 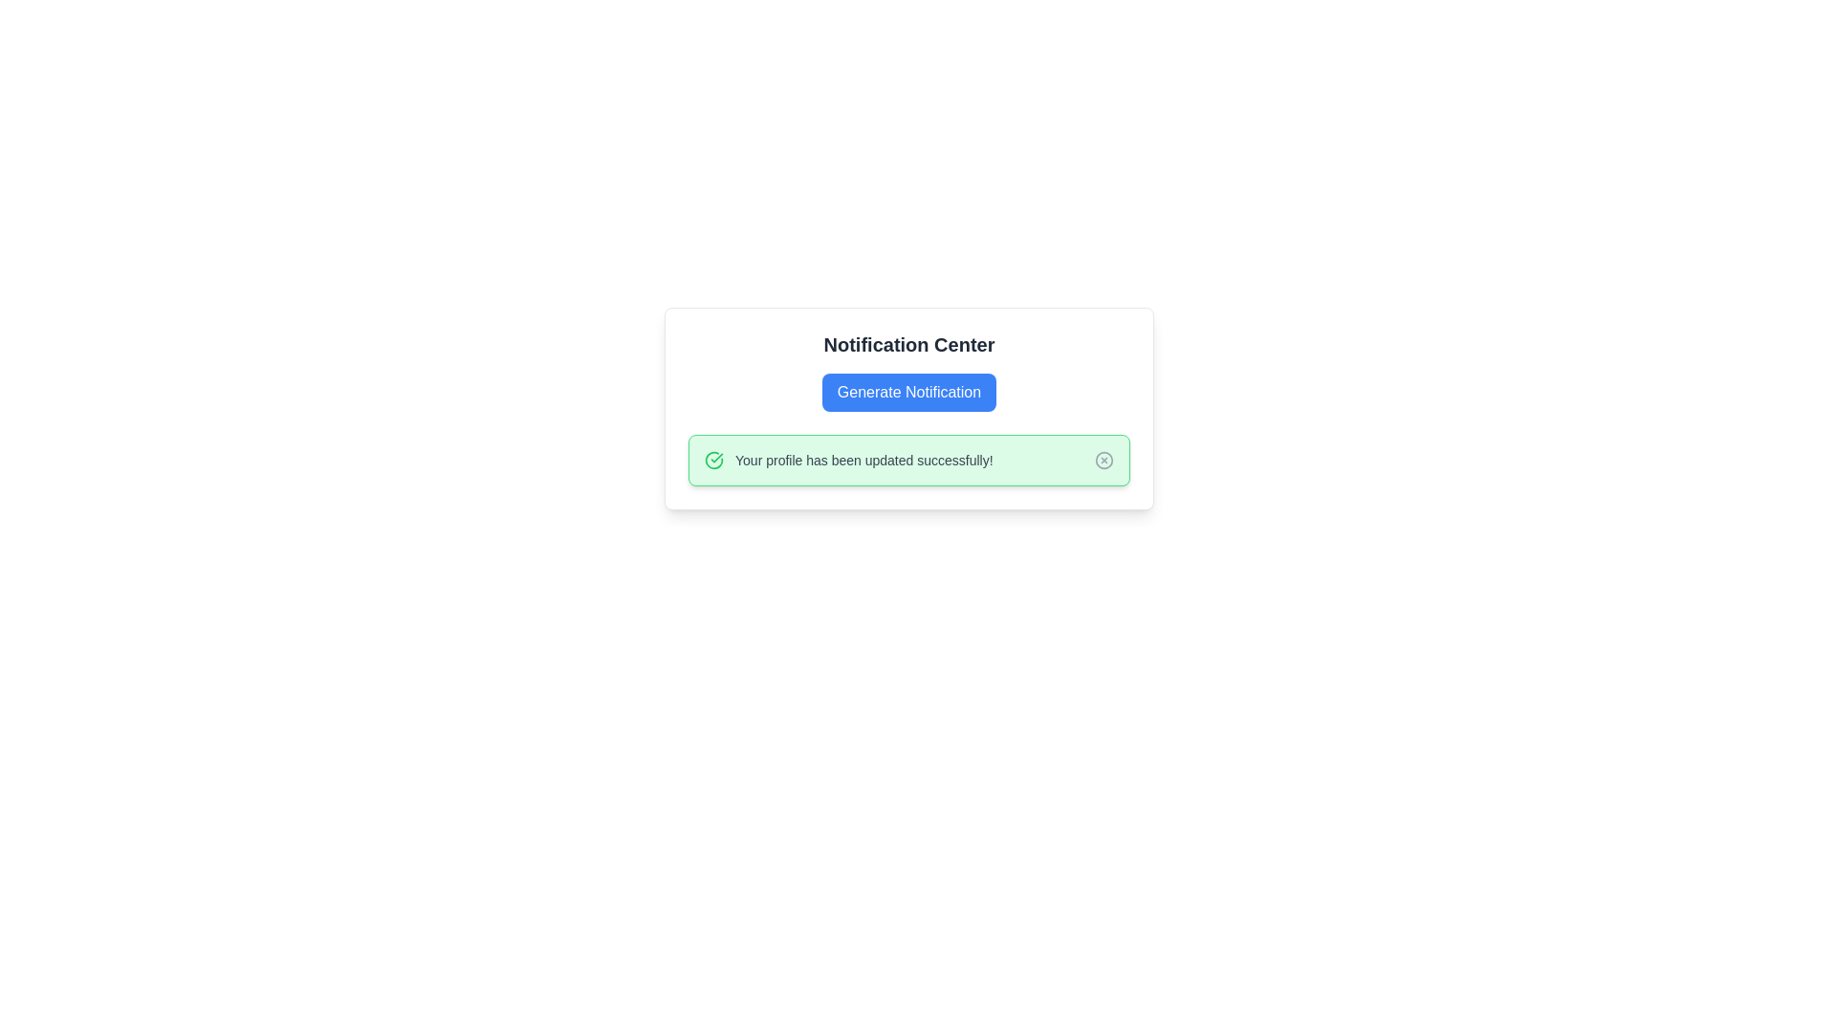 I want to click on the 'Generate Notification' button, which is a rectangular button with a blue background and white text, located below the 'Notification Center' heading, so click(x=907, y=392).